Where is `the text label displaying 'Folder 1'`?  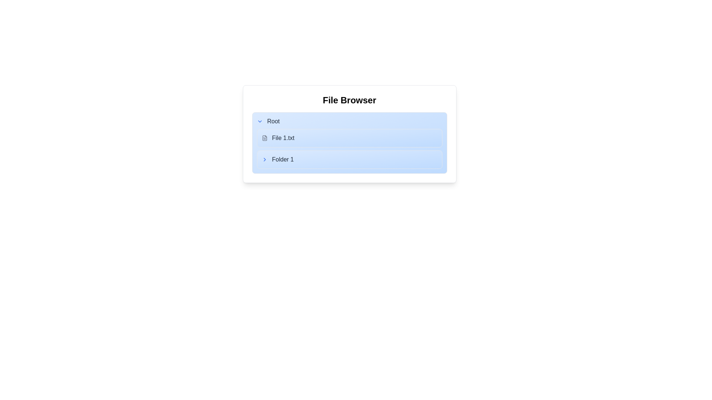
the text label displaying 'Folder 1' is located at coordinates (277, 159).